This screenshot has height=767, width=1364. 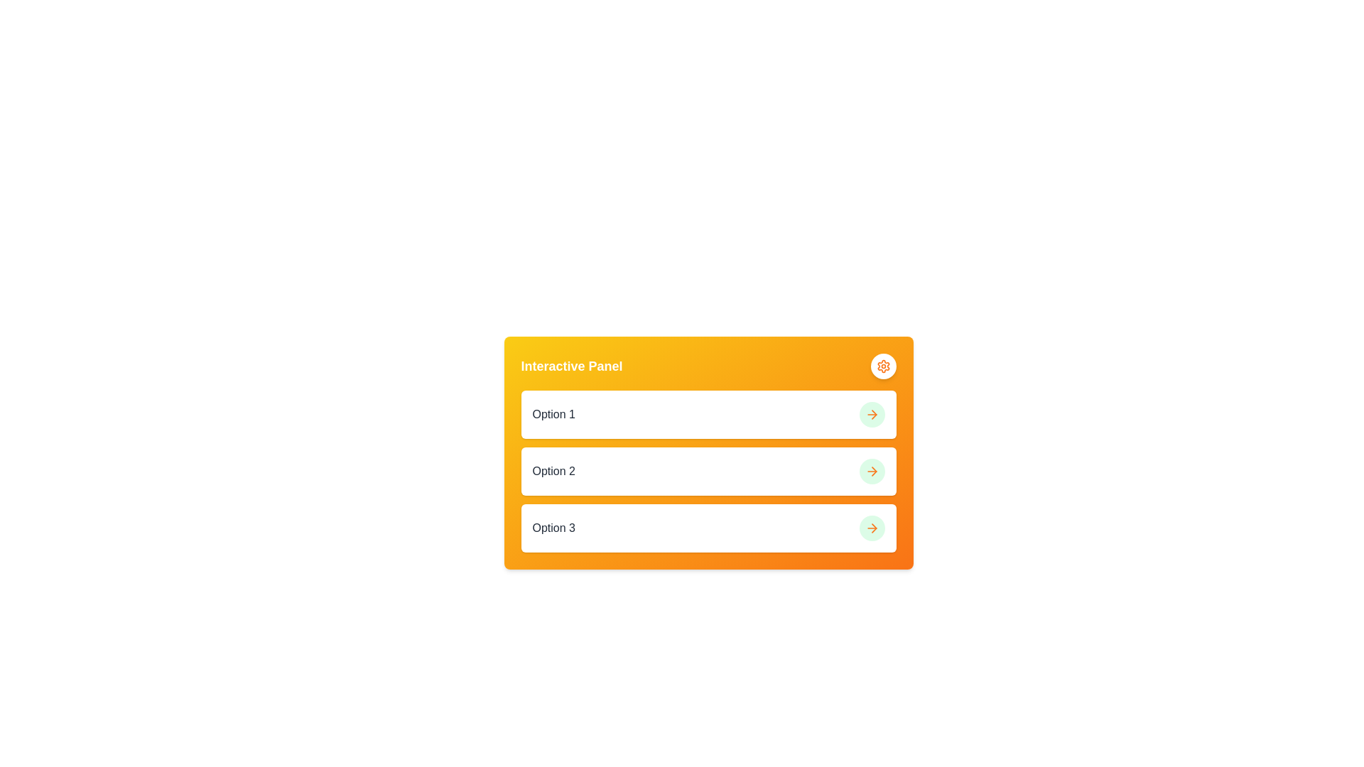 I want to click on the settings icon, which is a cogwheel shape located, so click(x=882, y=366).